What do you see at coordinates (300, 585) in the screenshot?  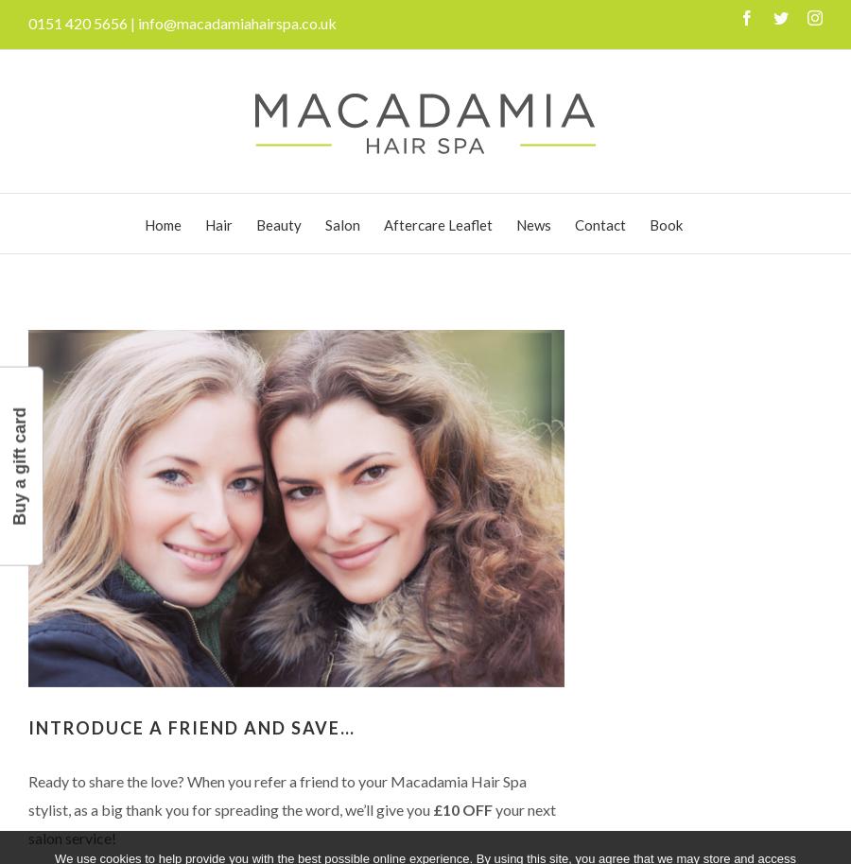 I see `'Make-up'` at bounding box center [300, 585].